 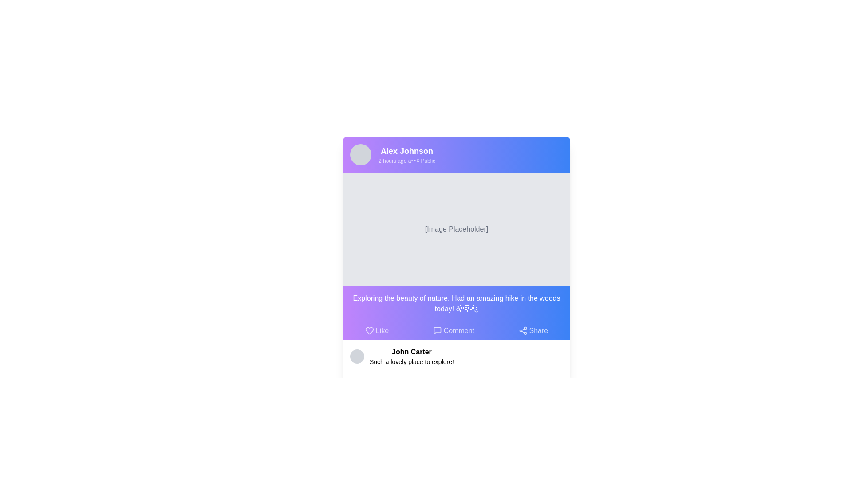 What do you see at coordinates (369, 330) in the screenshot?
I see `the heart icon within the 'Like' button, which serves as a visual indicator for the liking action, located to the left of the text 'Like'` at bounding box center [369, 330].